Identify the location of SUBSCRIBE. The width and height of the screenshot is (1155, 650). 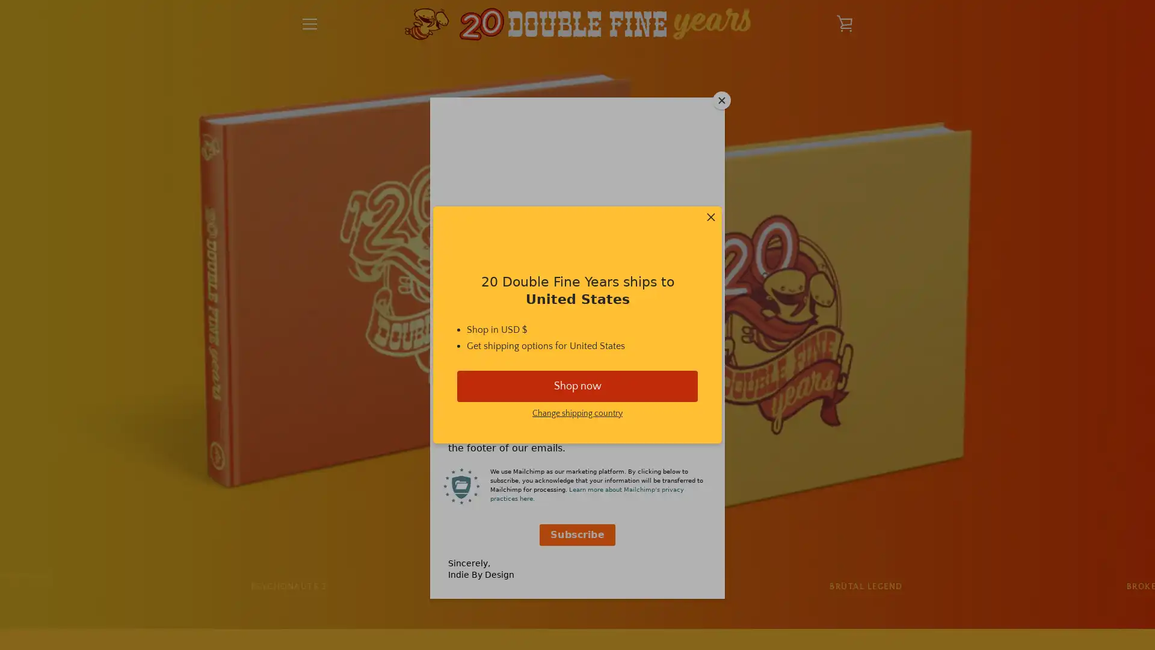
(824, 542).